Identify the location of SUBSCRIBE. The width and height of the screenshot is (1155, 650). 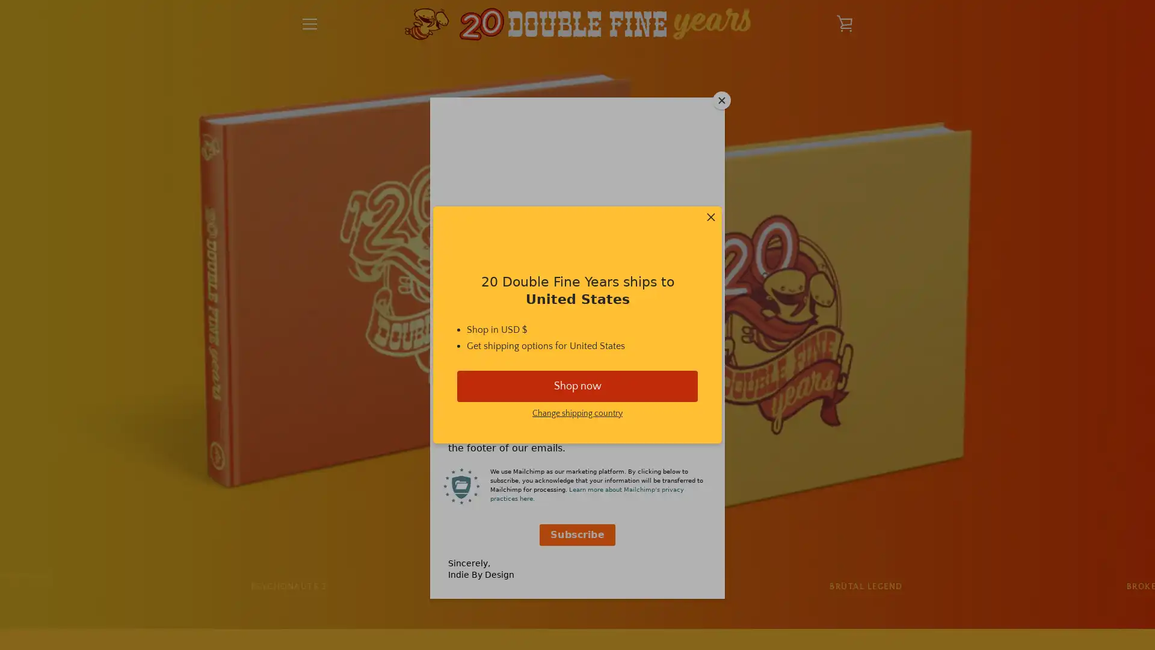
(824, 542).